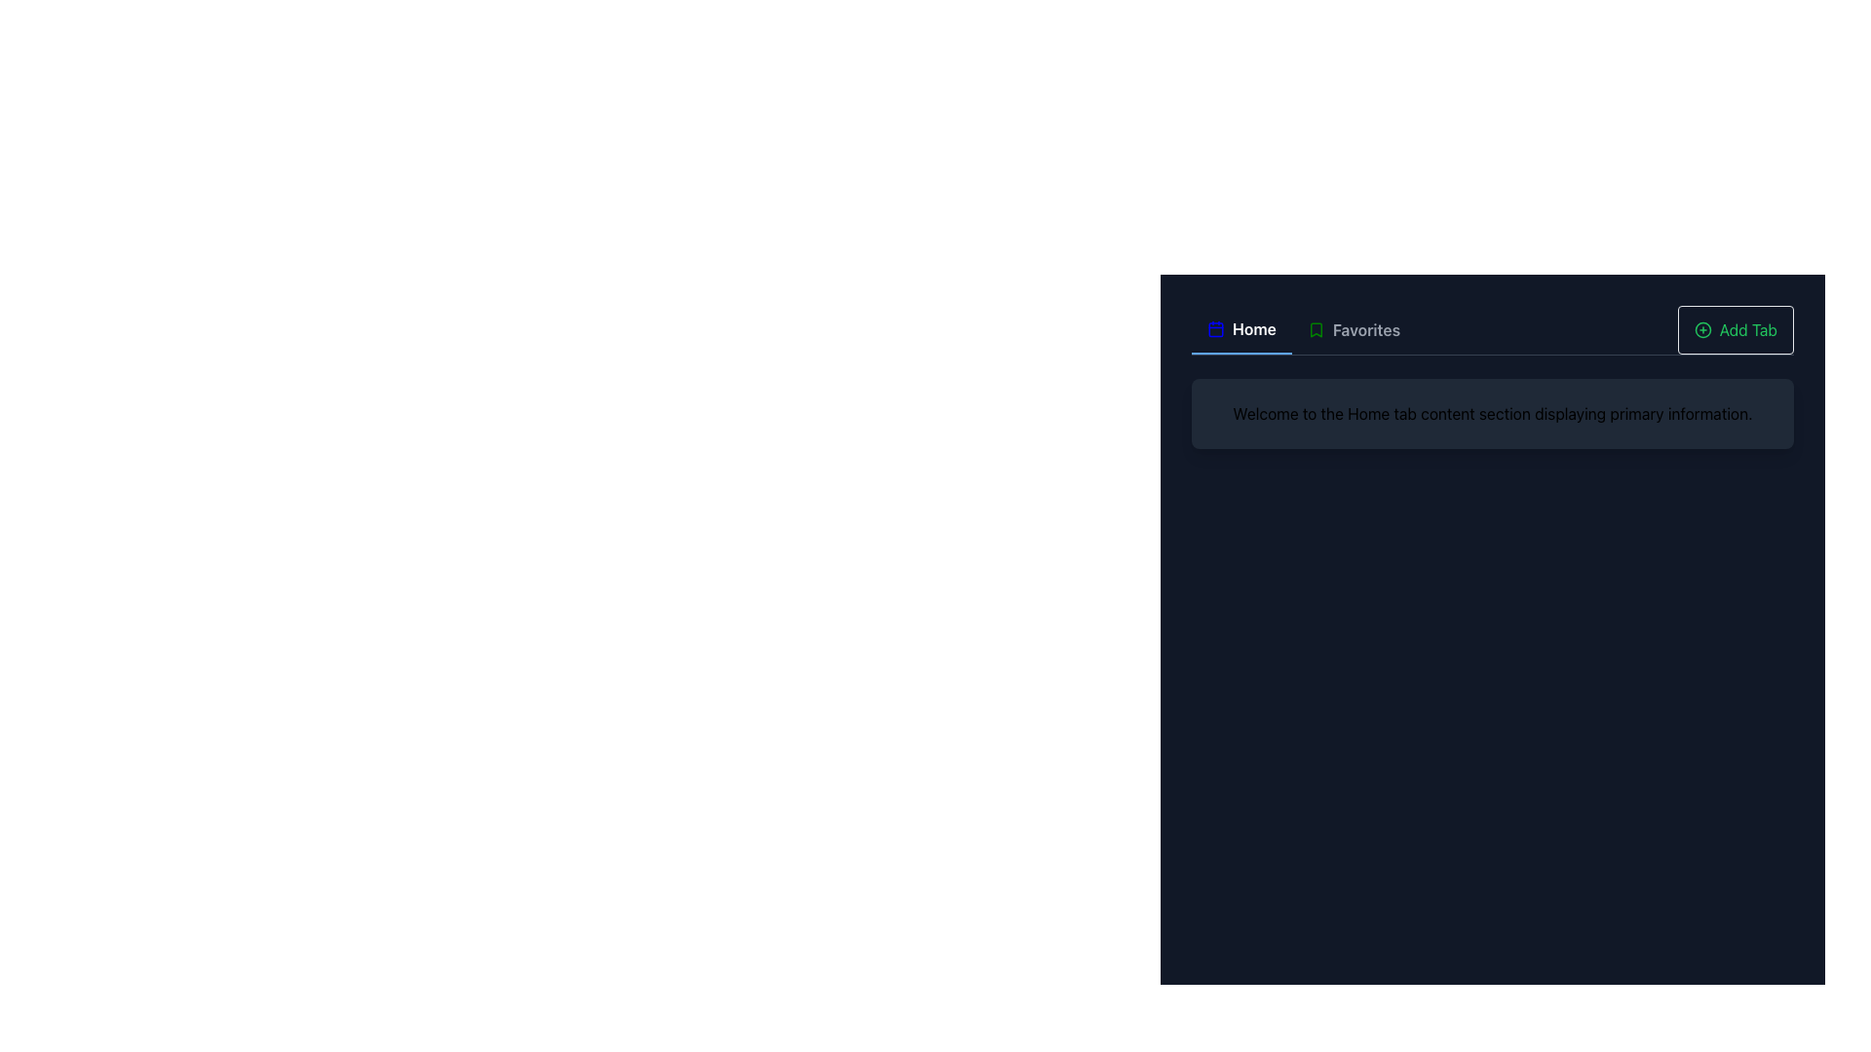  I want to click on the 'Favorites' navigation link located in the horizontal navigation bar, which is the second item from the left, adjacent to 'Home' and before 'Add Tab', so click(1353, 329).